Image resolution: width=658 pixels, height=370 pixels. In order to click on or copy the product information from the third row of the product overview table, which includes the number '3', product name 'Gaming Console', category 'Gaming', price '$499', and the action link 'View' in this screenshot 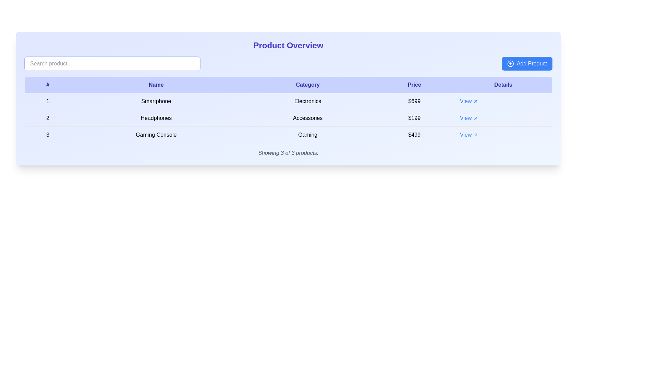, I will do `click(288, 135)`.